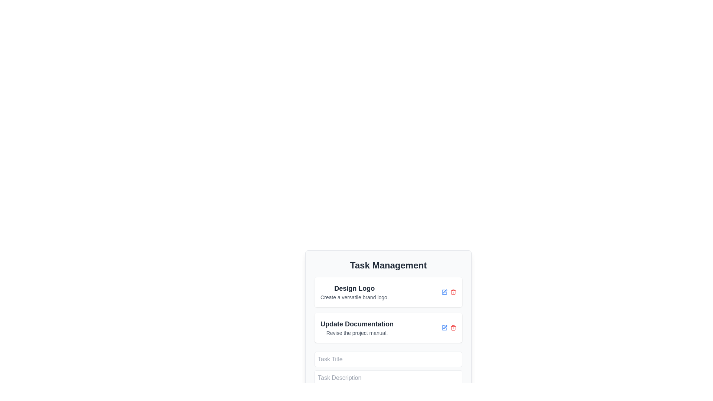 The height and width of the screenshot is (401, 713). I want to click on text label displaying 'Update Documentation', which is prominently styled in bold and dark color within the task management interface, so click(357, 323).